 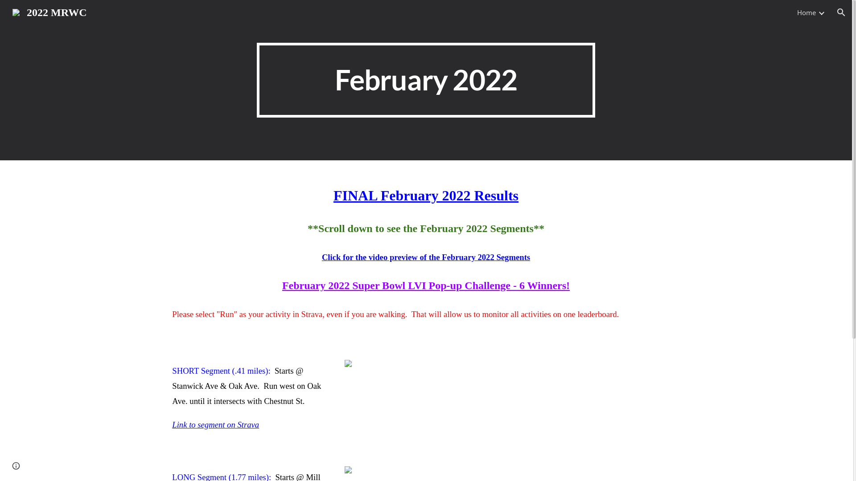 What do you see at coordinates (7, 12) in the screenshot?
I see `'2022 MRWC'` at bounding box center [7, 12].